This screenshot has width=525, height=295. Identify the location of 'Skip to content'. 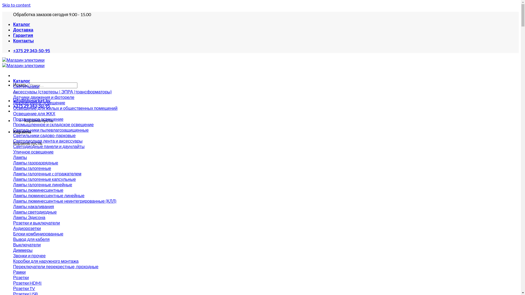
(16, 5).